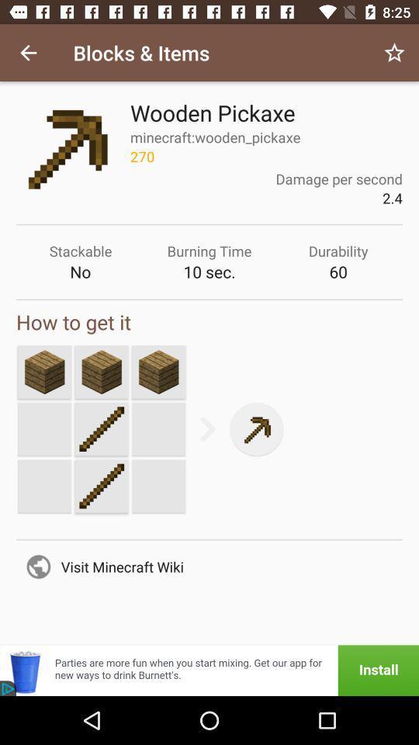 This screenshot has width=419, height=745. I want to click on install the app, so click(209, 670).